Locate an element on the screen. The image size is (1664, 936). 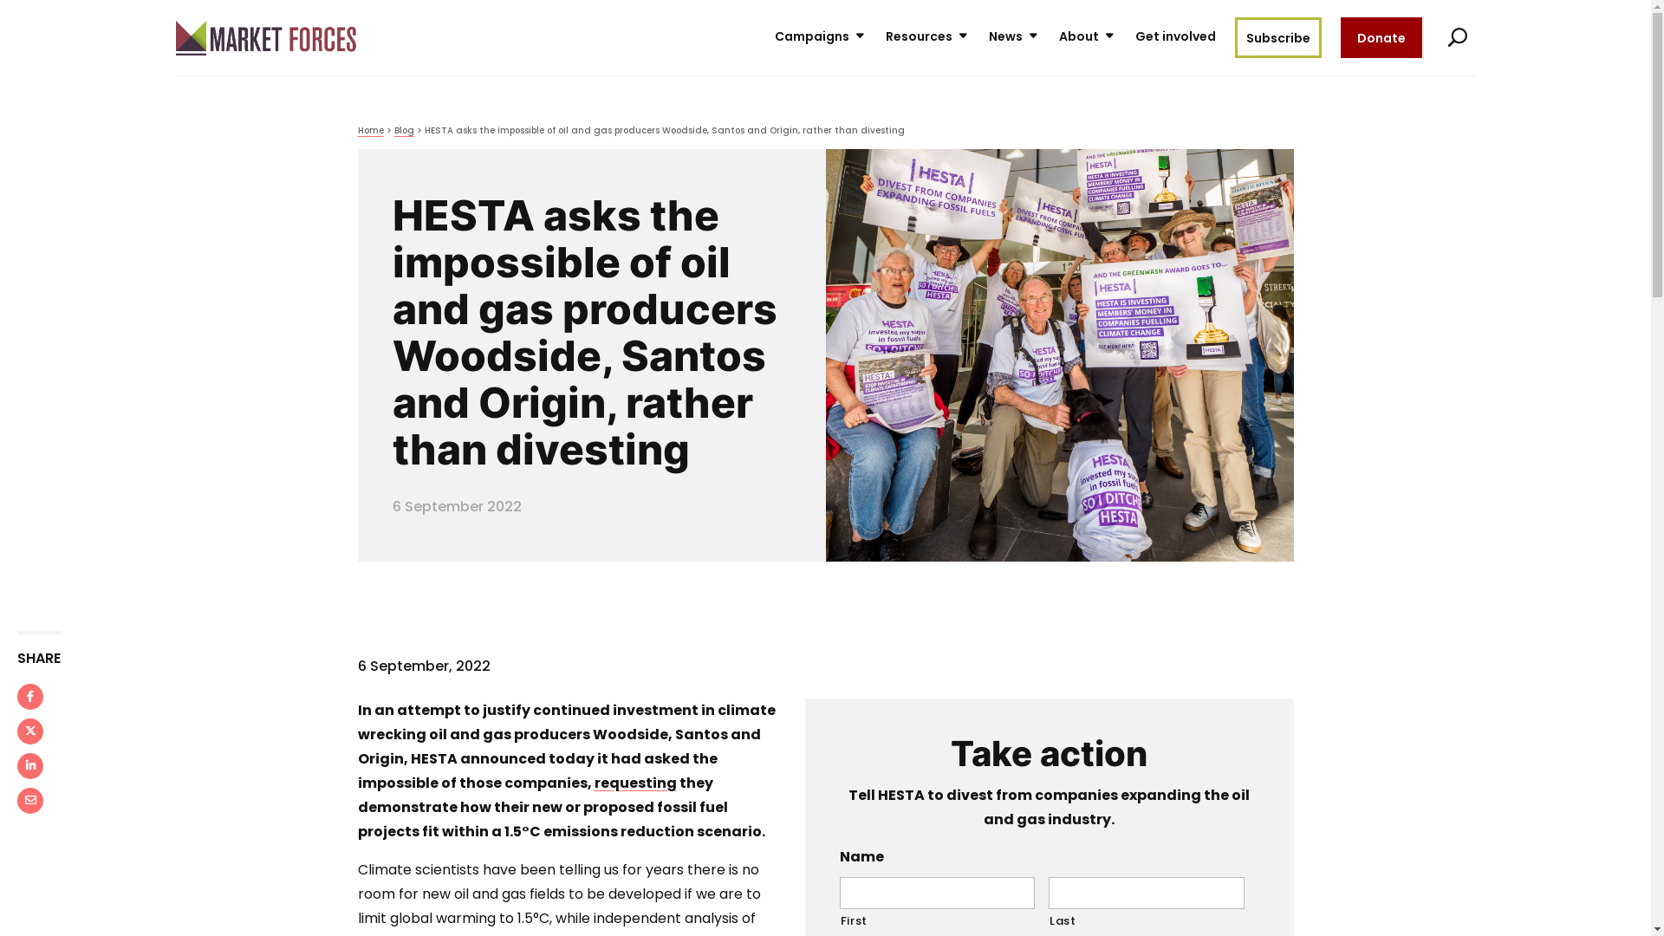
'Resources' is located at coordinates (926, 37).